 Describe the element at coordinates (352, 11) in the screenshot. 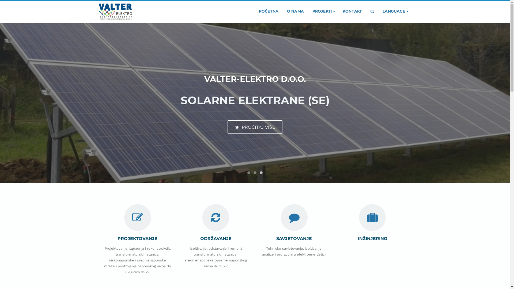

I see `'KONTAKT'` at that location.